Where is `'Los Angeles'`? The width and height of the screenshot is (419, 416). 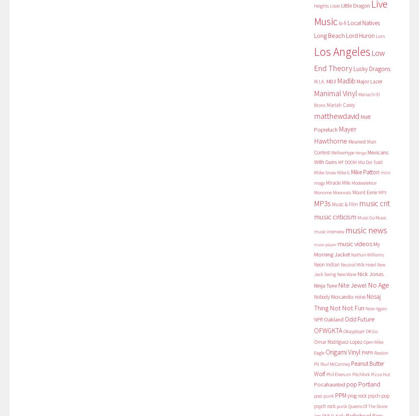 'Los Angeles' is located at coordinates (342, 51).